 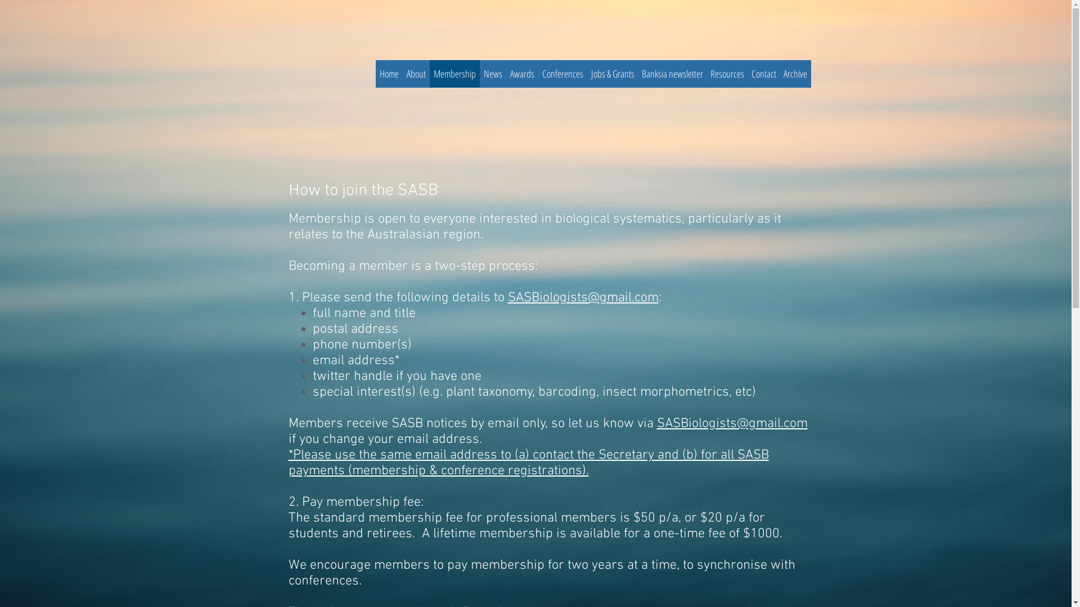 I want to click on 'About', so click(x=415, y=74).